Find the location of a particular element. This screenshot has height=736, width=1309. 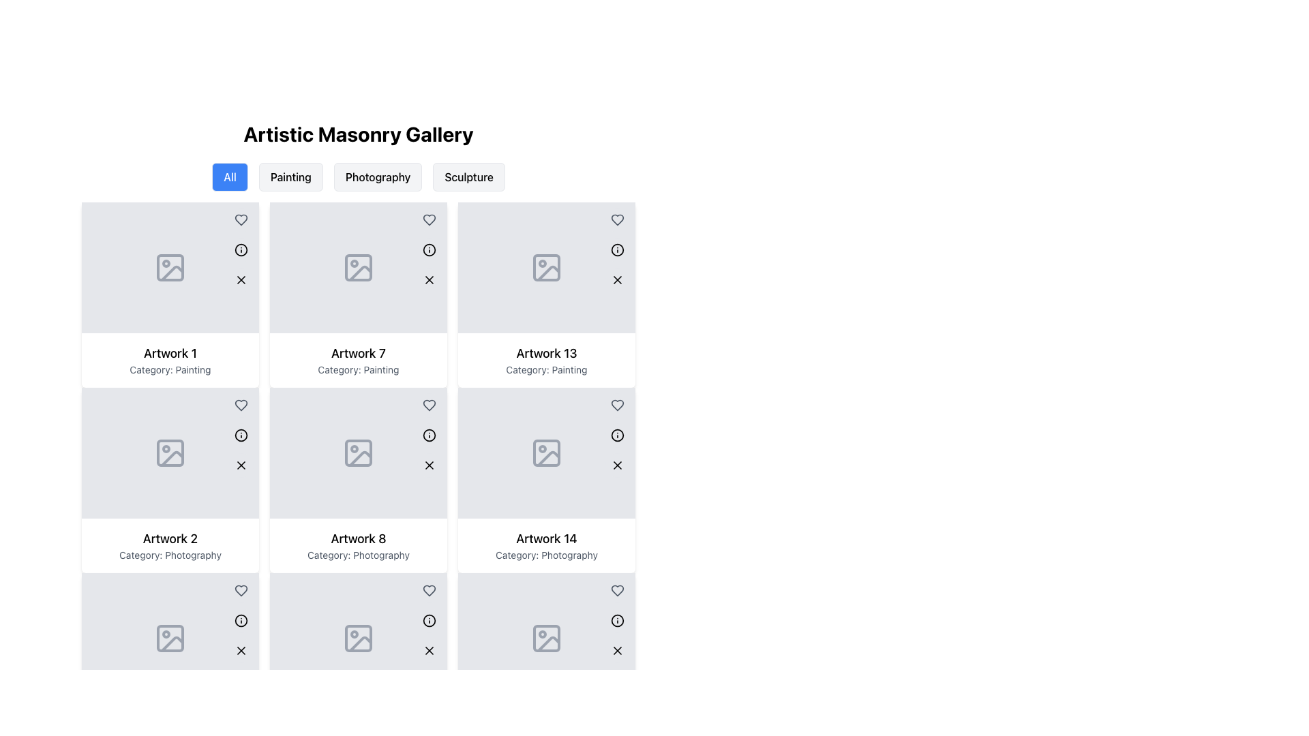

the informational icon located at the top-right corner of the 'Artwork 7' tile in the gallery grid is located at coordinates (428, 249).